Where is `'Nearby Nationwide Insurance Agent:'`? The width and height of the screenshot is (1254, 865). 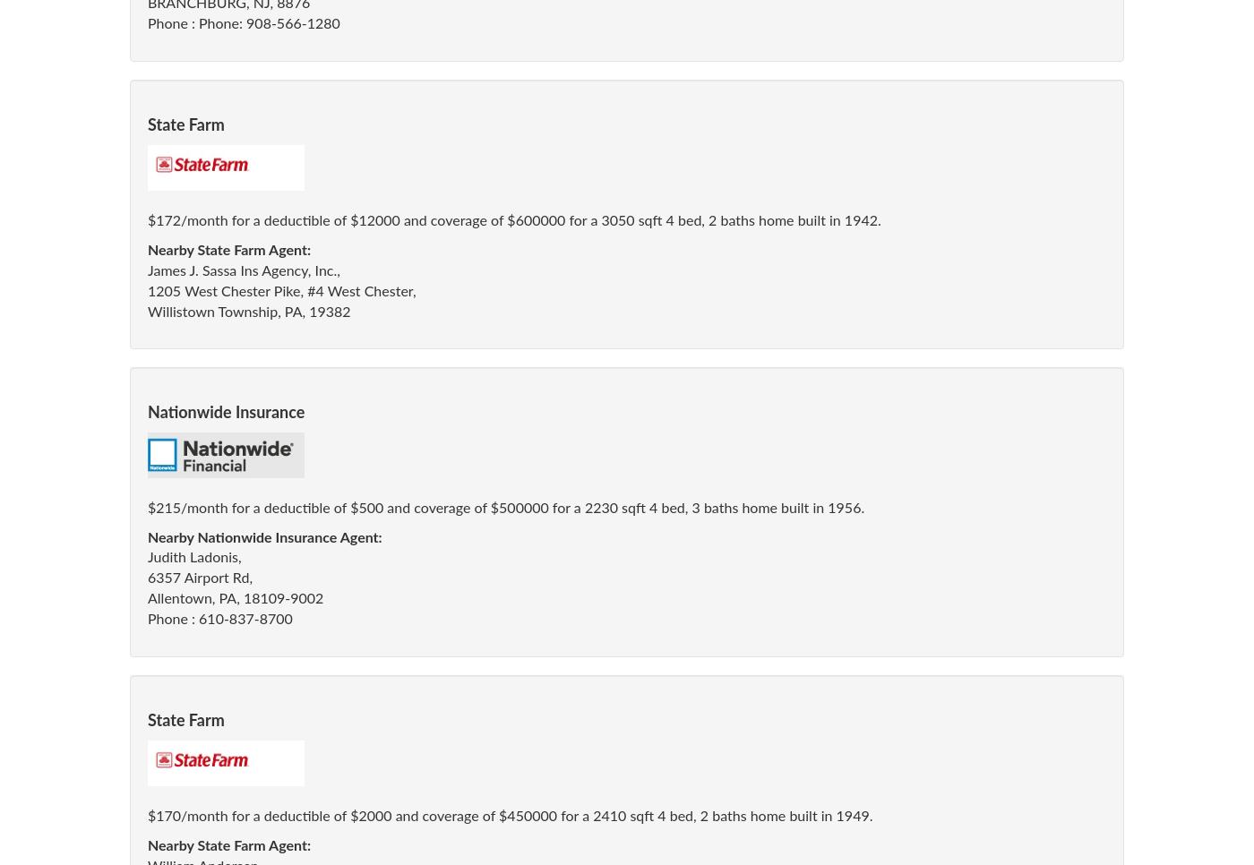
'Nearby Nationwide Insurance Agent:' is located at coordinates (264, 536).